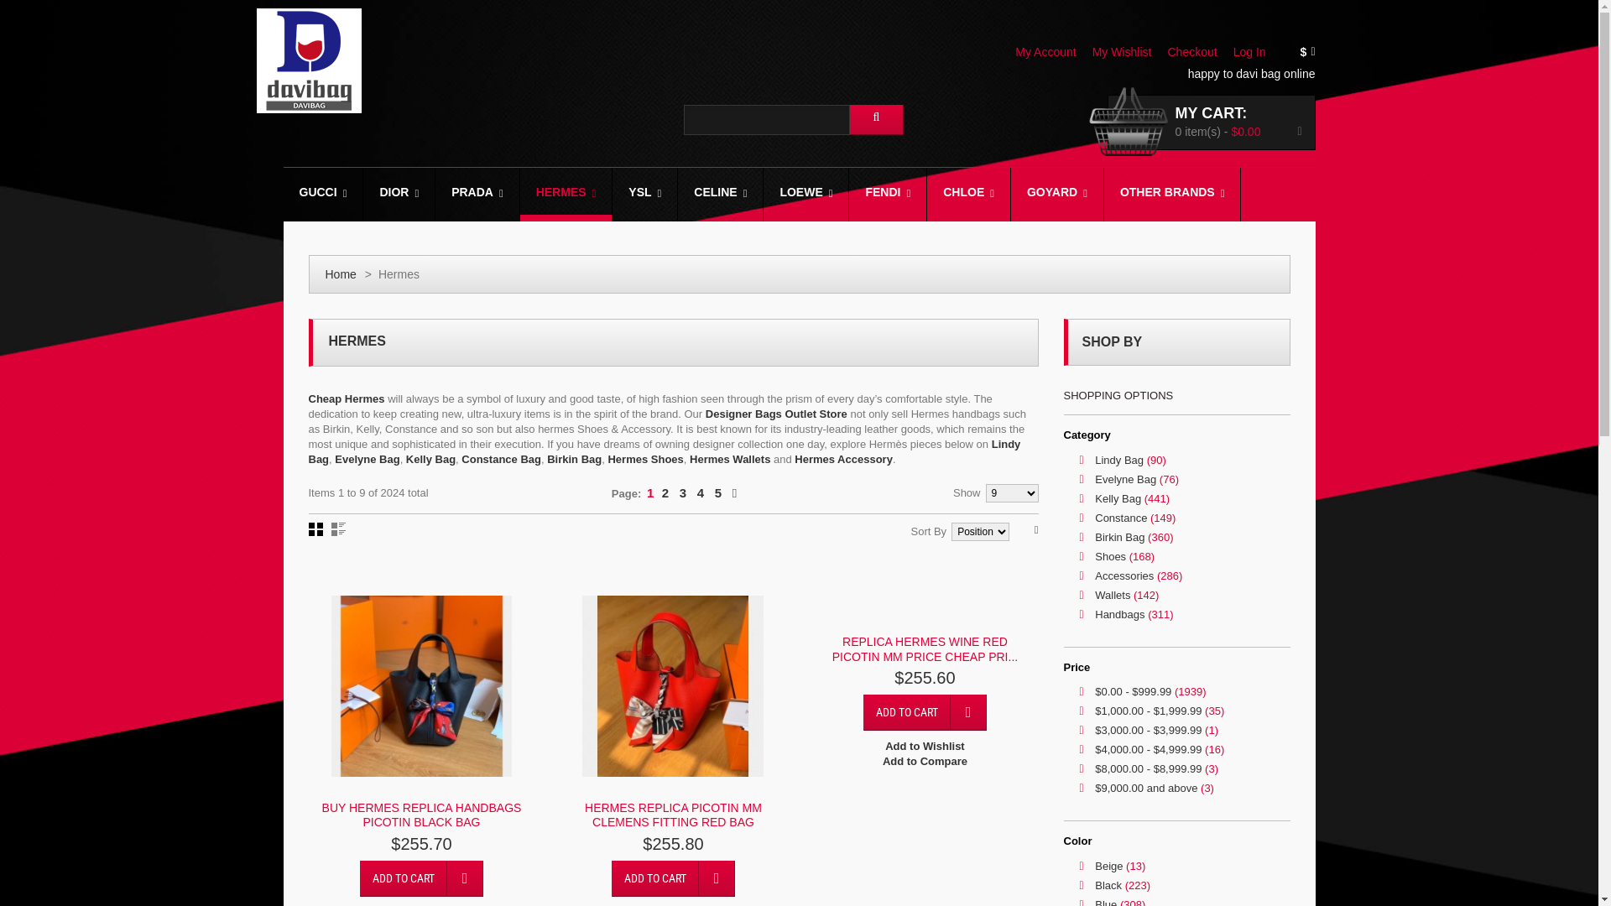 Image resolution: width=1611 pixels, height=906 pixels. I want to click on 'Cheap Hermes', so click(346, 398).